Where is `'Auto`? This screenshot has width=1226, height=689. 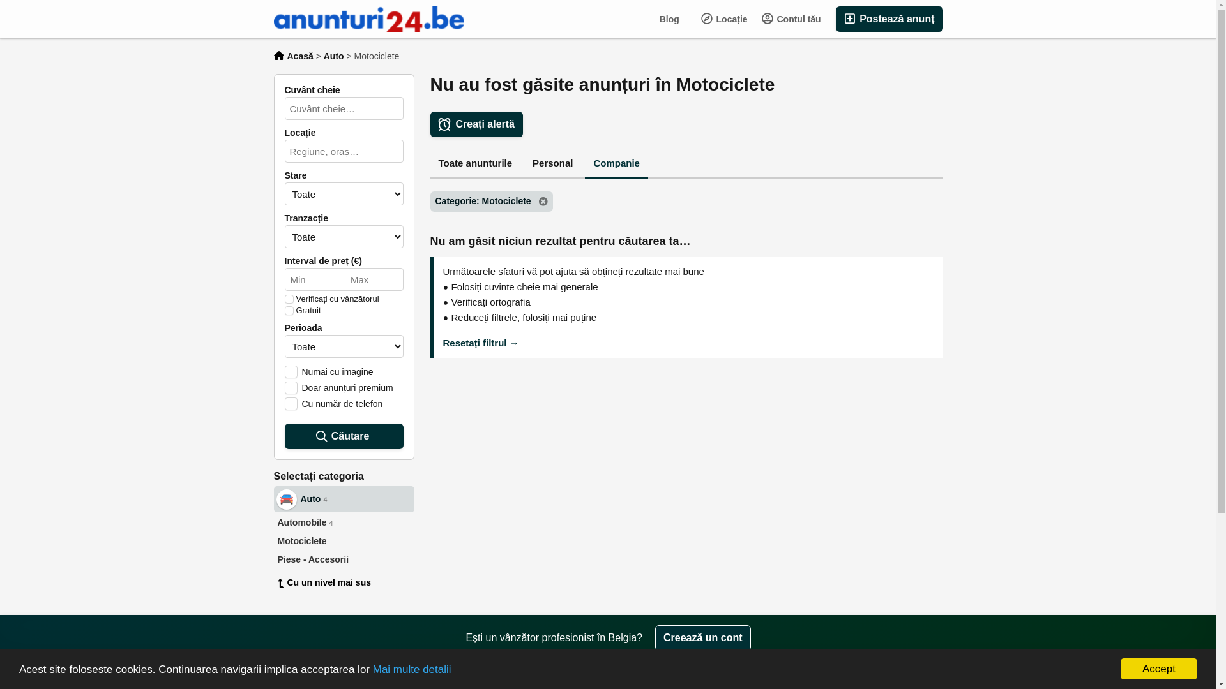 'Auto is located at coordinates (272, 498).